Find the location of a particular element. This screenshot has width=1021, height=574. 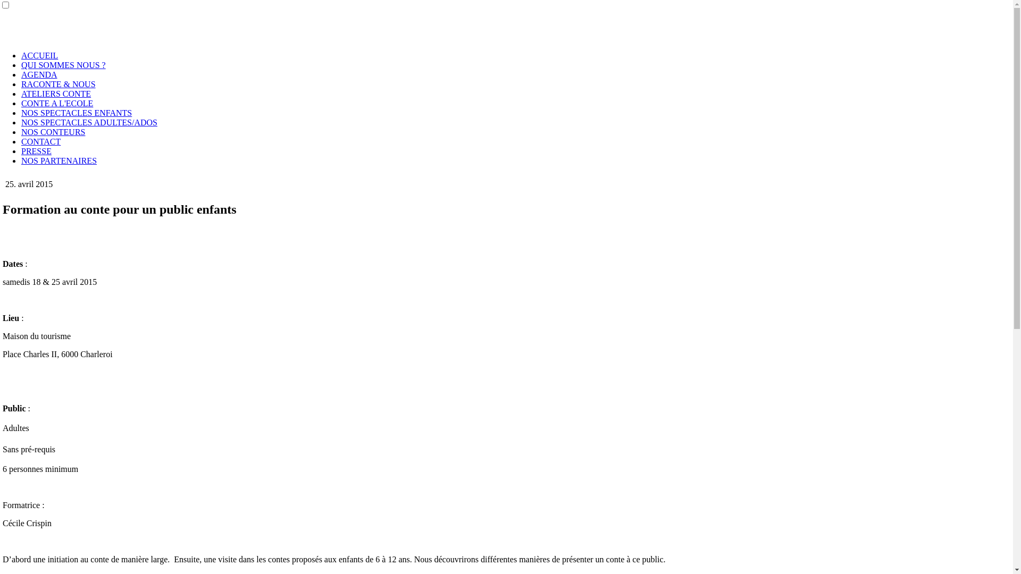

'NOS SPECTACLES ADULTES/ADOS' is located at coordinates (89, 122).